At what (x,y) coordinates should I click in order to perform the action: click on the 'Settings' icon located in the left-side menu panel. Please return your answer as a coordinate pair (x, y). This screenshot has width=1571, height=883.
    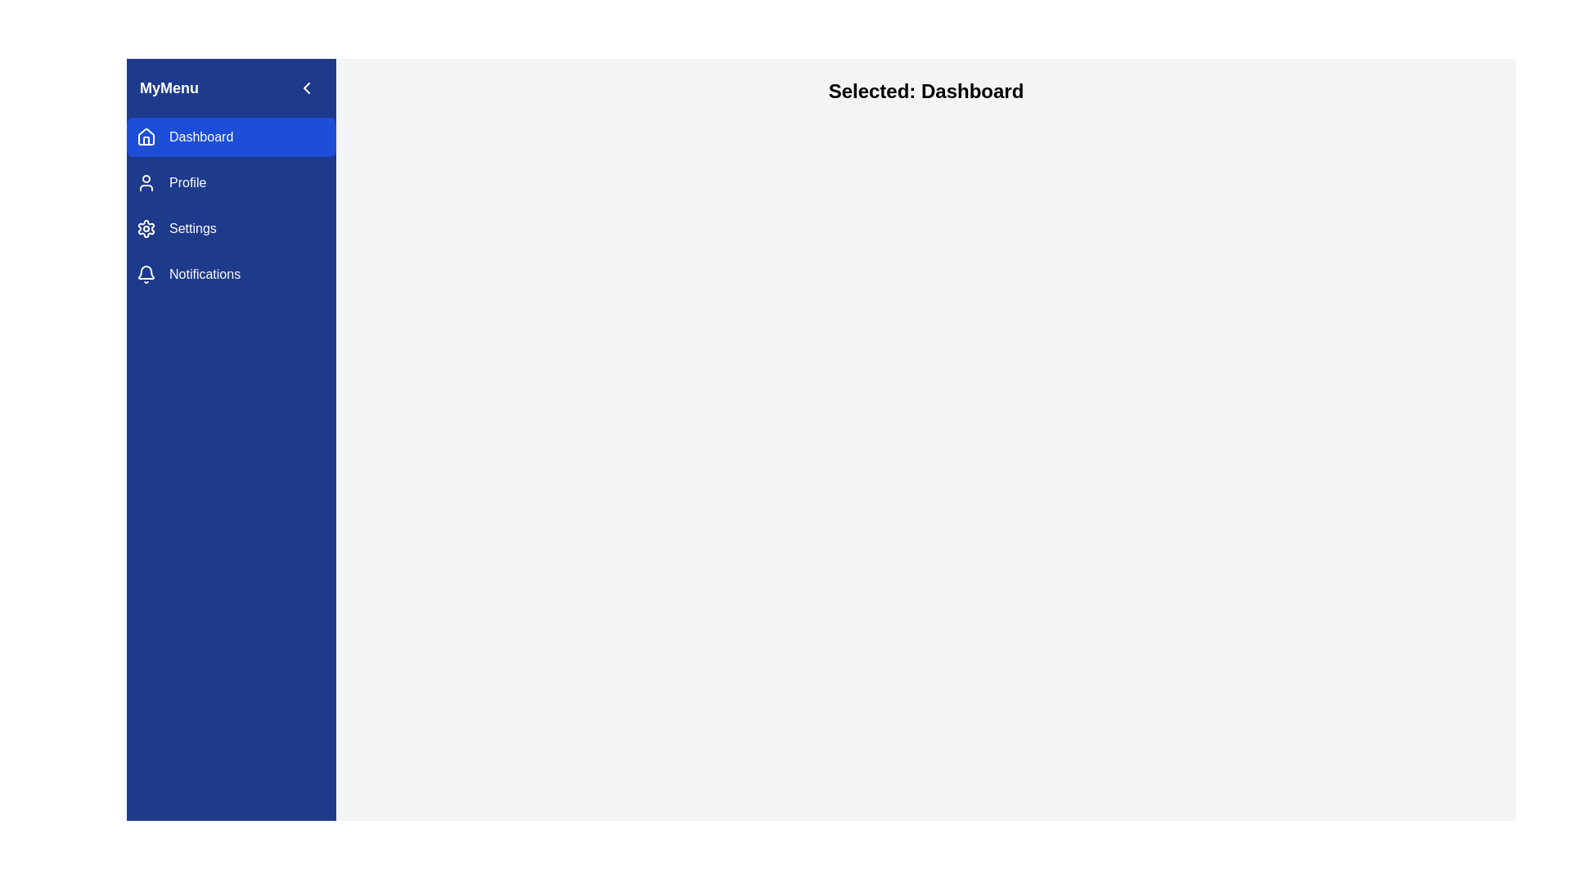
    Looking at the image, I should click on (146, 229).